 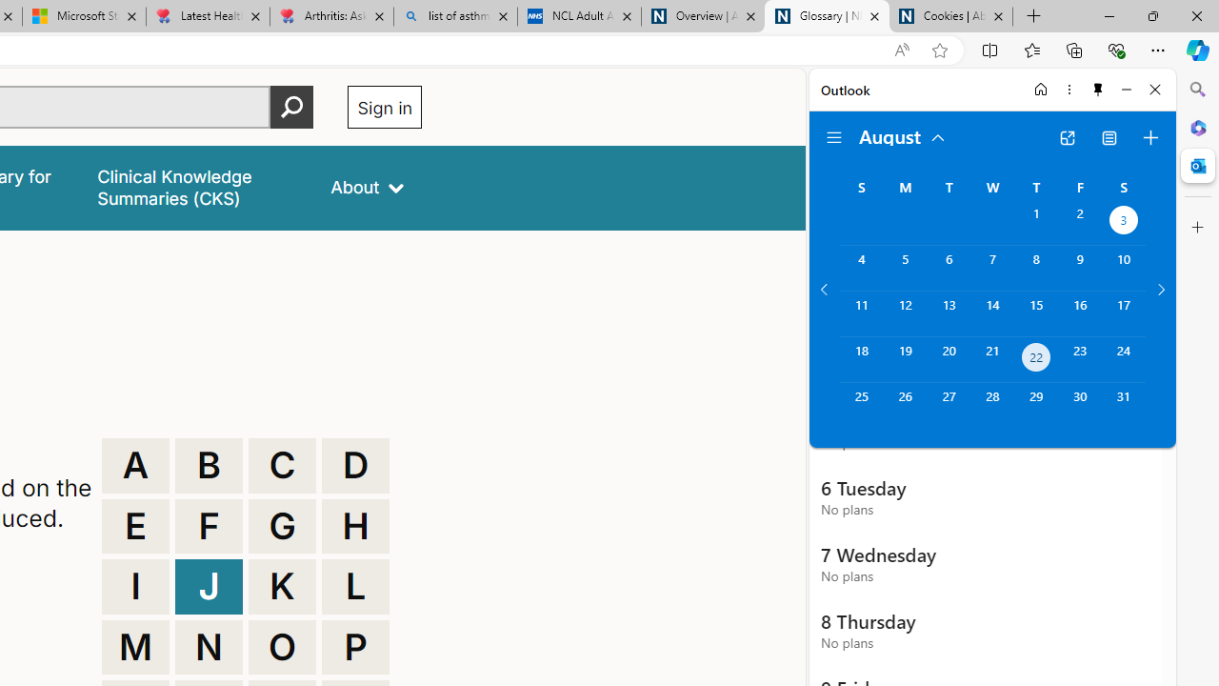 What do you see at coordinates (209, 646) in the screenshot?
I see `'N'` at bounding box center [209, 646].